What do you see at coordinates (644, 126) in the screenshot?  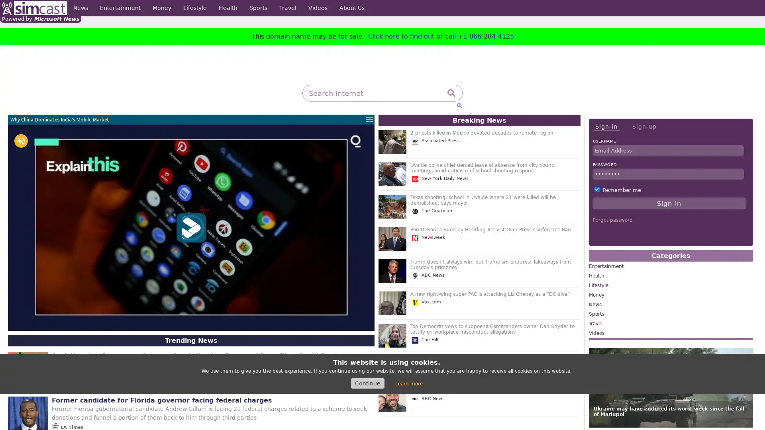 I see `Sign-up` at bounding box center [644, 126].